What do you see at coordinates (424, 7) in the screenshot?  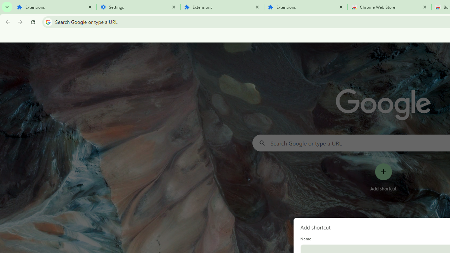 I see `'Close'` at bounding box center [424, 7].